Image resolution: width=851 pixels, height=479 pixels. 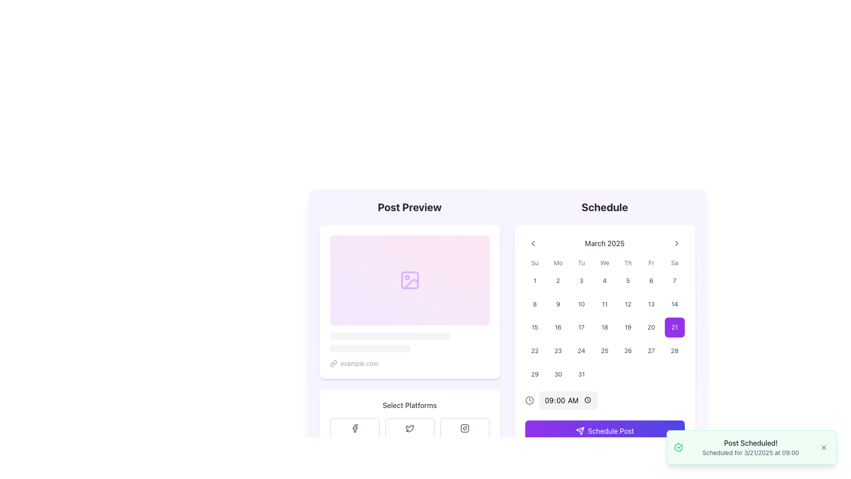 What do you see at coordinates (823, 448) in the screenshot?
I see `the close button` at bounding box center [823, 448].